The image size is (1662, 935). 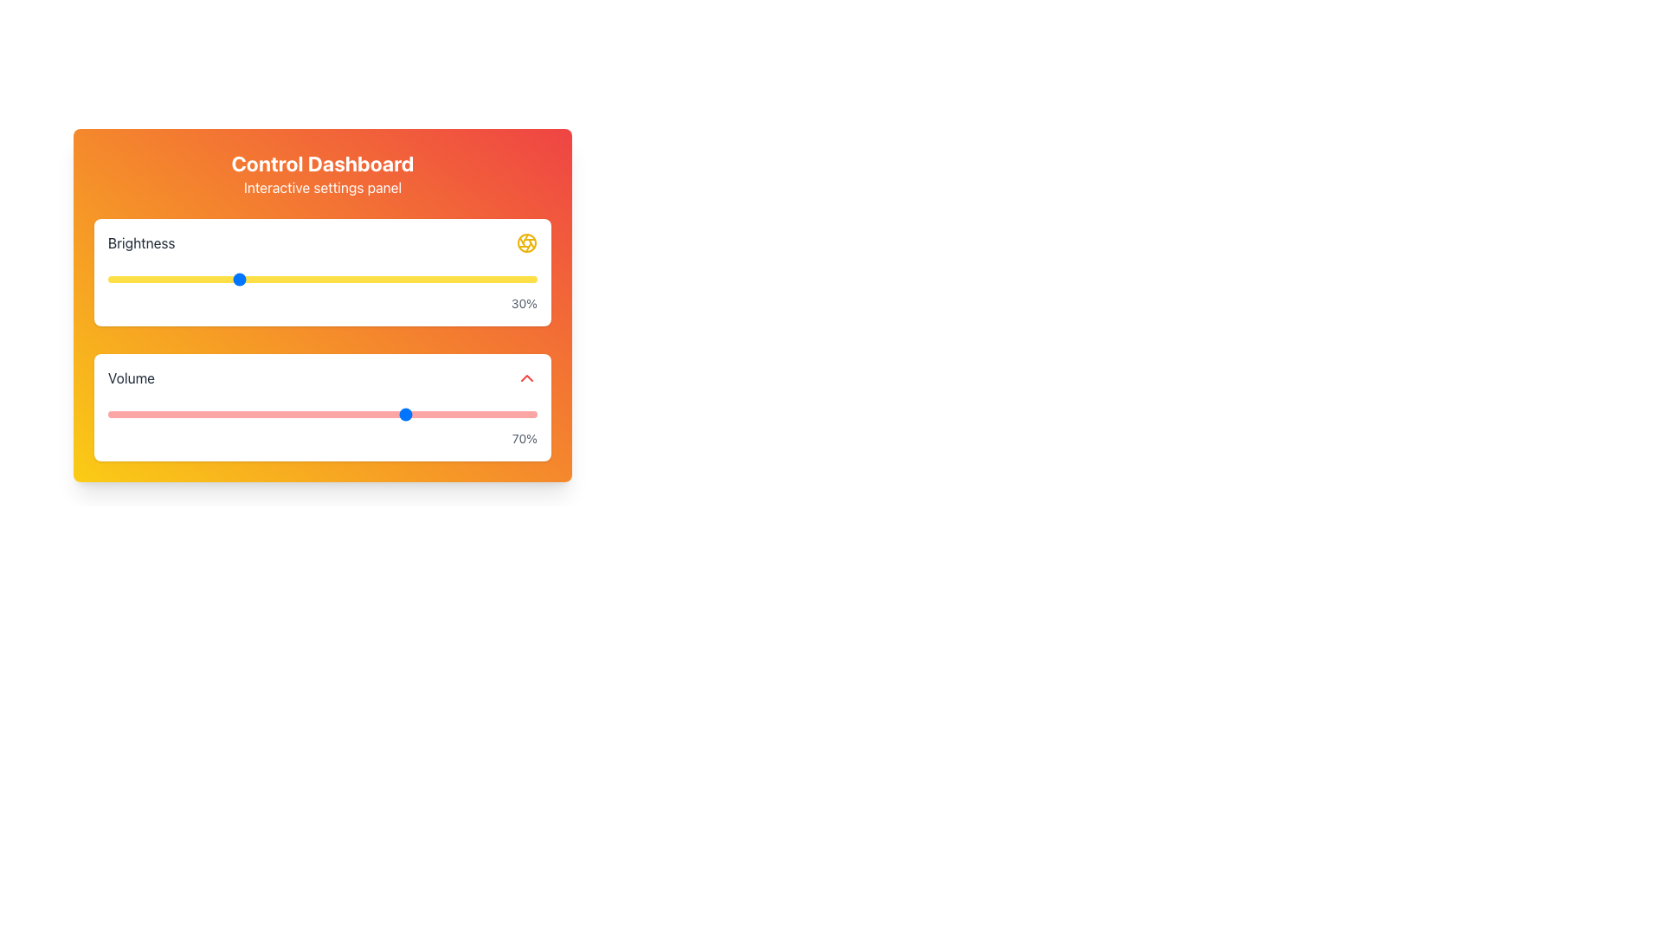 What do you see at coordinates (207, 414) in the screenshot?
I see `the volume` at bounding box center [207, 414].